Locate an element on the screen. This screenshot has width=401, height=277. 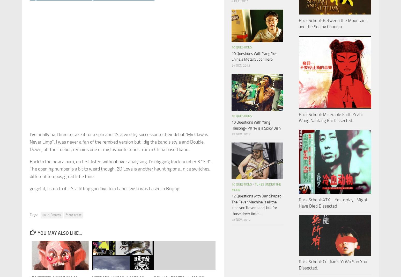
'12 Questions with Dan Shapiro: The Fever Machine is all the lube you’ll ever need, but for those dryer times…' is located at coordinates (256, 205).